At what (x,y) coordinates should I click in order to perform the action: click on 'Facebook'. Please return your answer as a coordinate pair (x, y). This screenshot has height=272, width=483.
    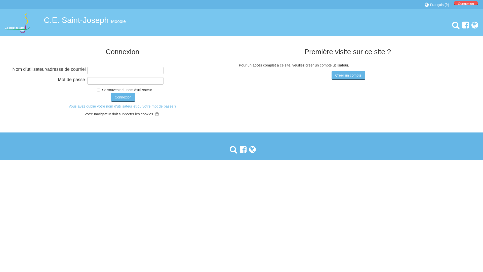
    Looking at the image, I should click on (242, 149).